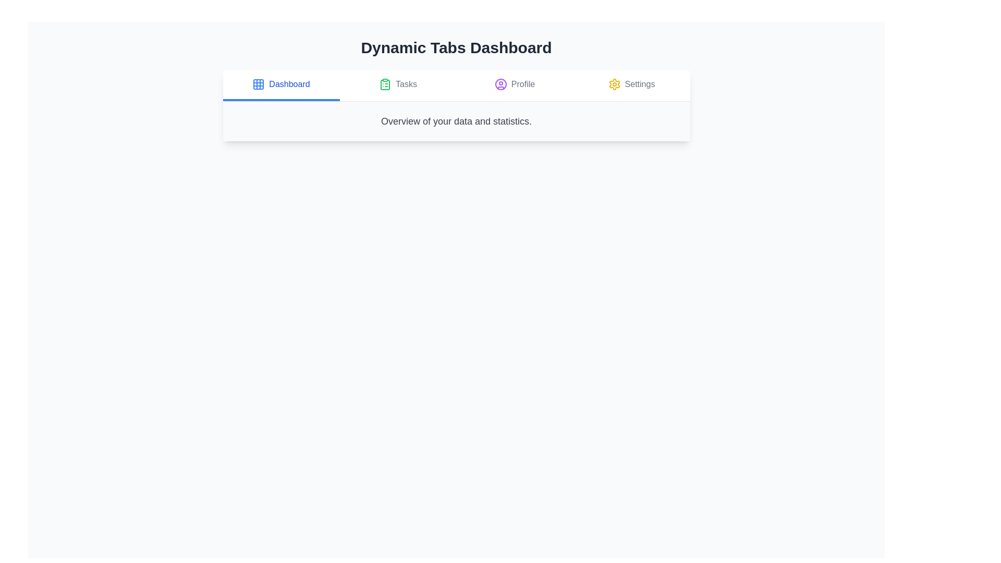 The width and height of the screenshot is (1001, 563). What do you see at coordinates (385, 84) in the screenshot?
I see `the decorative graphical element of the clipboard icon representing the 'Tasks' tab in the navigation menu` at bounding box center [385, 84].